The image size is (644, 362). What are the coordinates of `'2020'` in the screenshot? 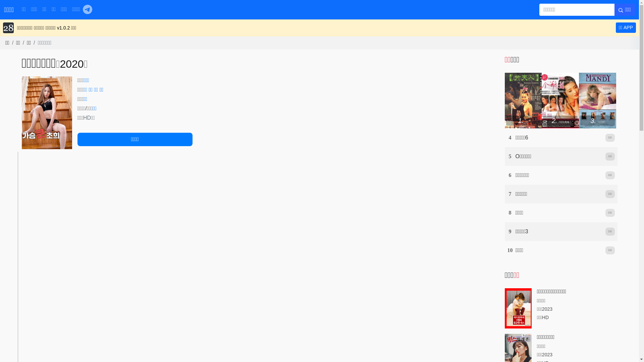 It's located at (59, 64).